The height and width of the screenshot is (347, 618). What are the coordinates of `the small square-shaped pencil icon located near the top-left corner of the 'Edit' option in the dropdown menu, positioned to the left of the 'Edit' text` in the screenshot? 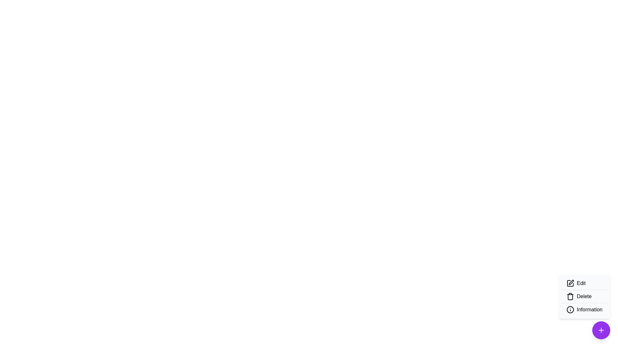 It's located at (570, 283).